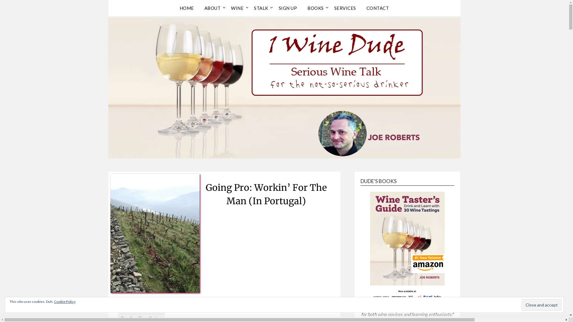  What do you see at coordinates (151, 21) in the screenshot?
I see `'1 Wine Dude'` at bounding box center [151, 21].